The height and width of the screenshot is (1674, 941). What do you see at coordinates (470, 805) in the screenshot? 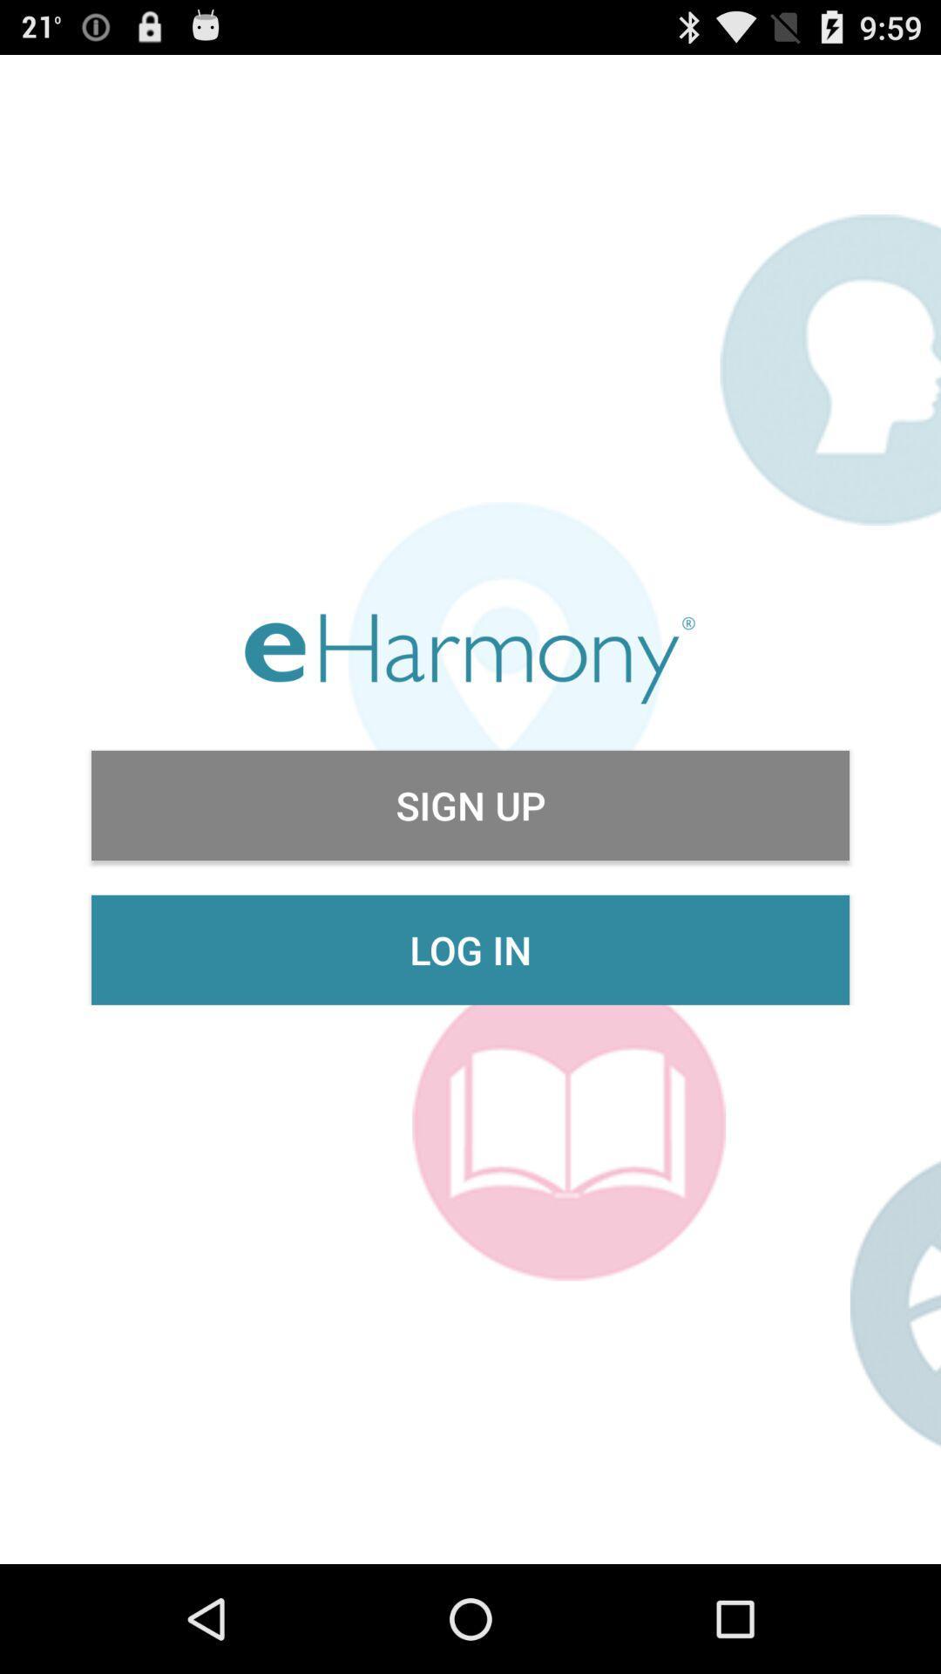
I see `icon above log in item` at bounding box center [470, 805].